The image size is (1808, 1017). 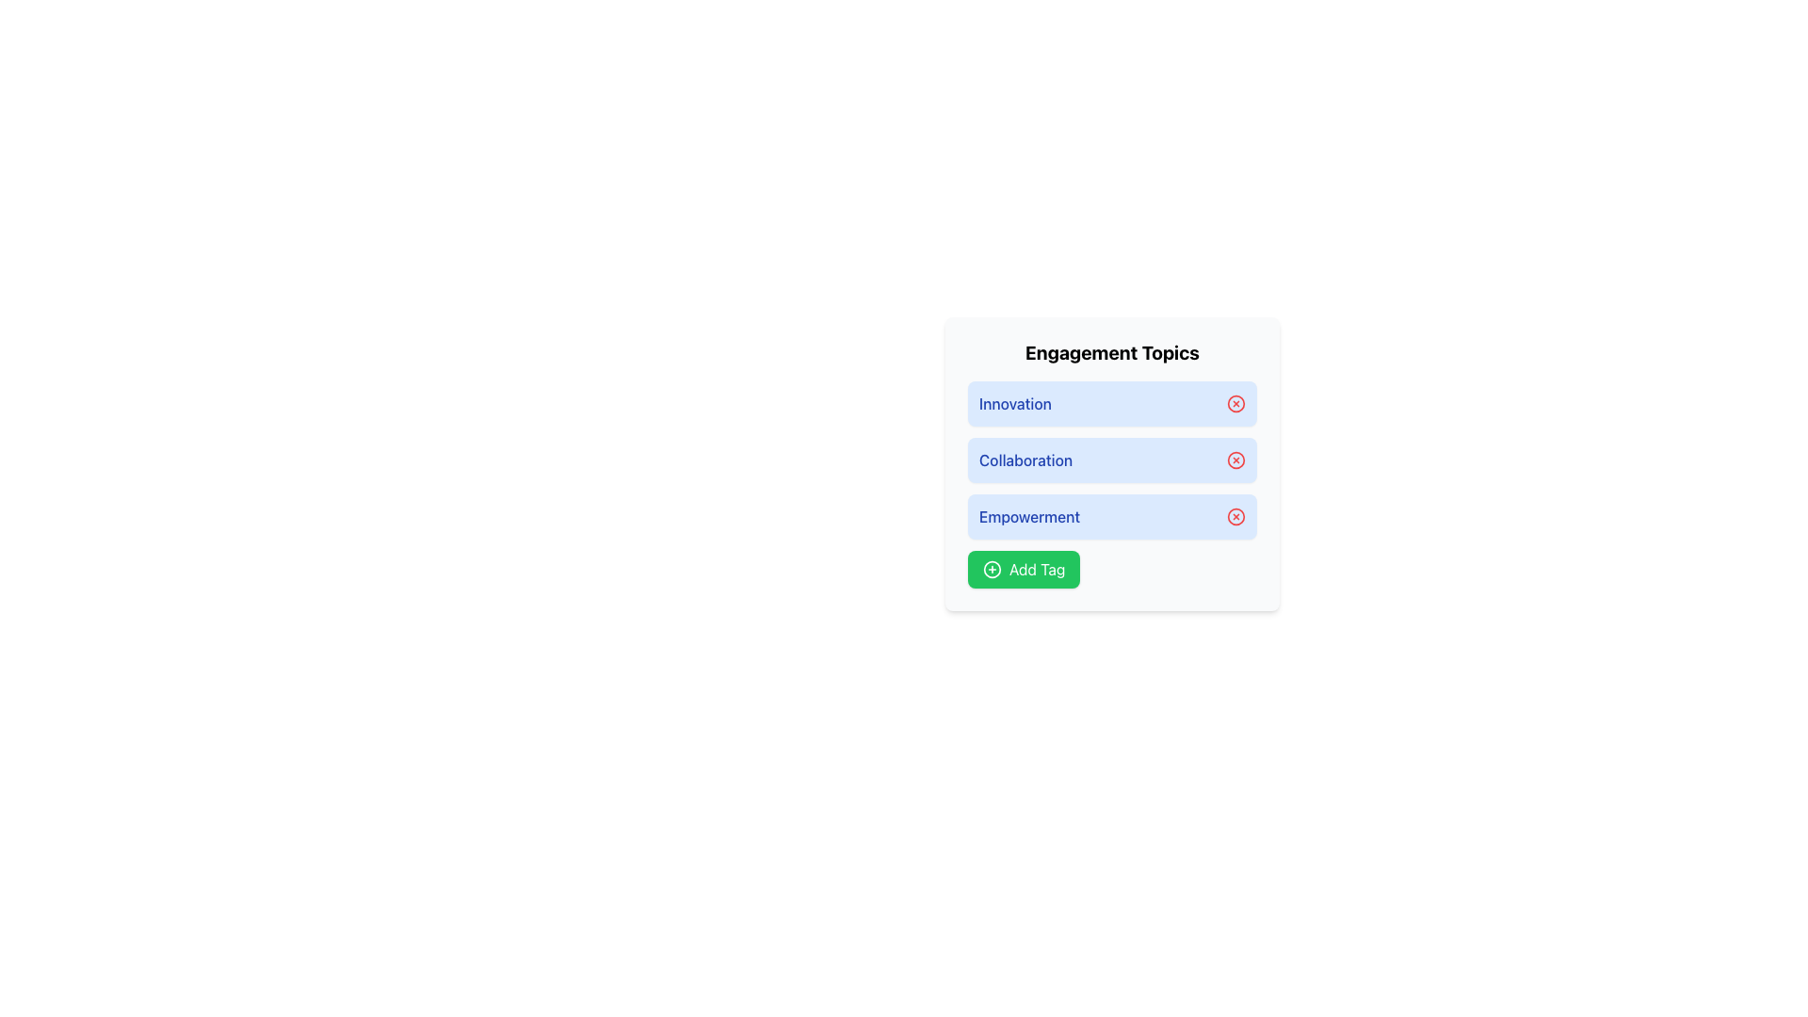 I want to click on the text label saying 'Collaboration', which is displayed in a bold, medium-weight font with a deep blue color, positioned between the items labeled 'Innovation' and 'Empowerment', so click(x=1025, y=460).